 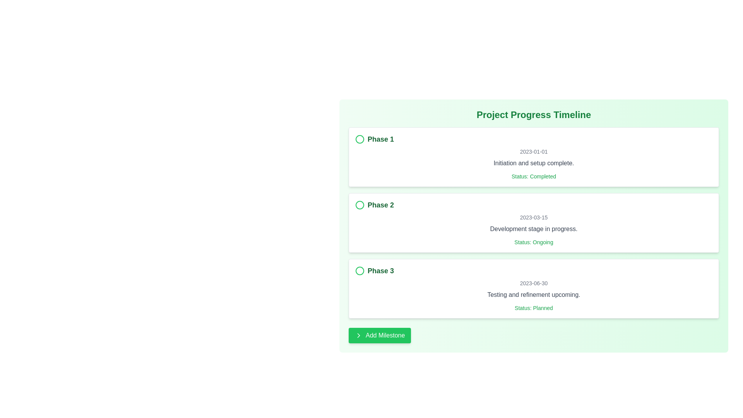 What do you see at coordinates (360, 270) in the screenshot?
I see `the Circle (vector graphic) that indicates the status of the third phase in the vertical project progress timeline, centered over the phase title` at bounding box center [360, 270].